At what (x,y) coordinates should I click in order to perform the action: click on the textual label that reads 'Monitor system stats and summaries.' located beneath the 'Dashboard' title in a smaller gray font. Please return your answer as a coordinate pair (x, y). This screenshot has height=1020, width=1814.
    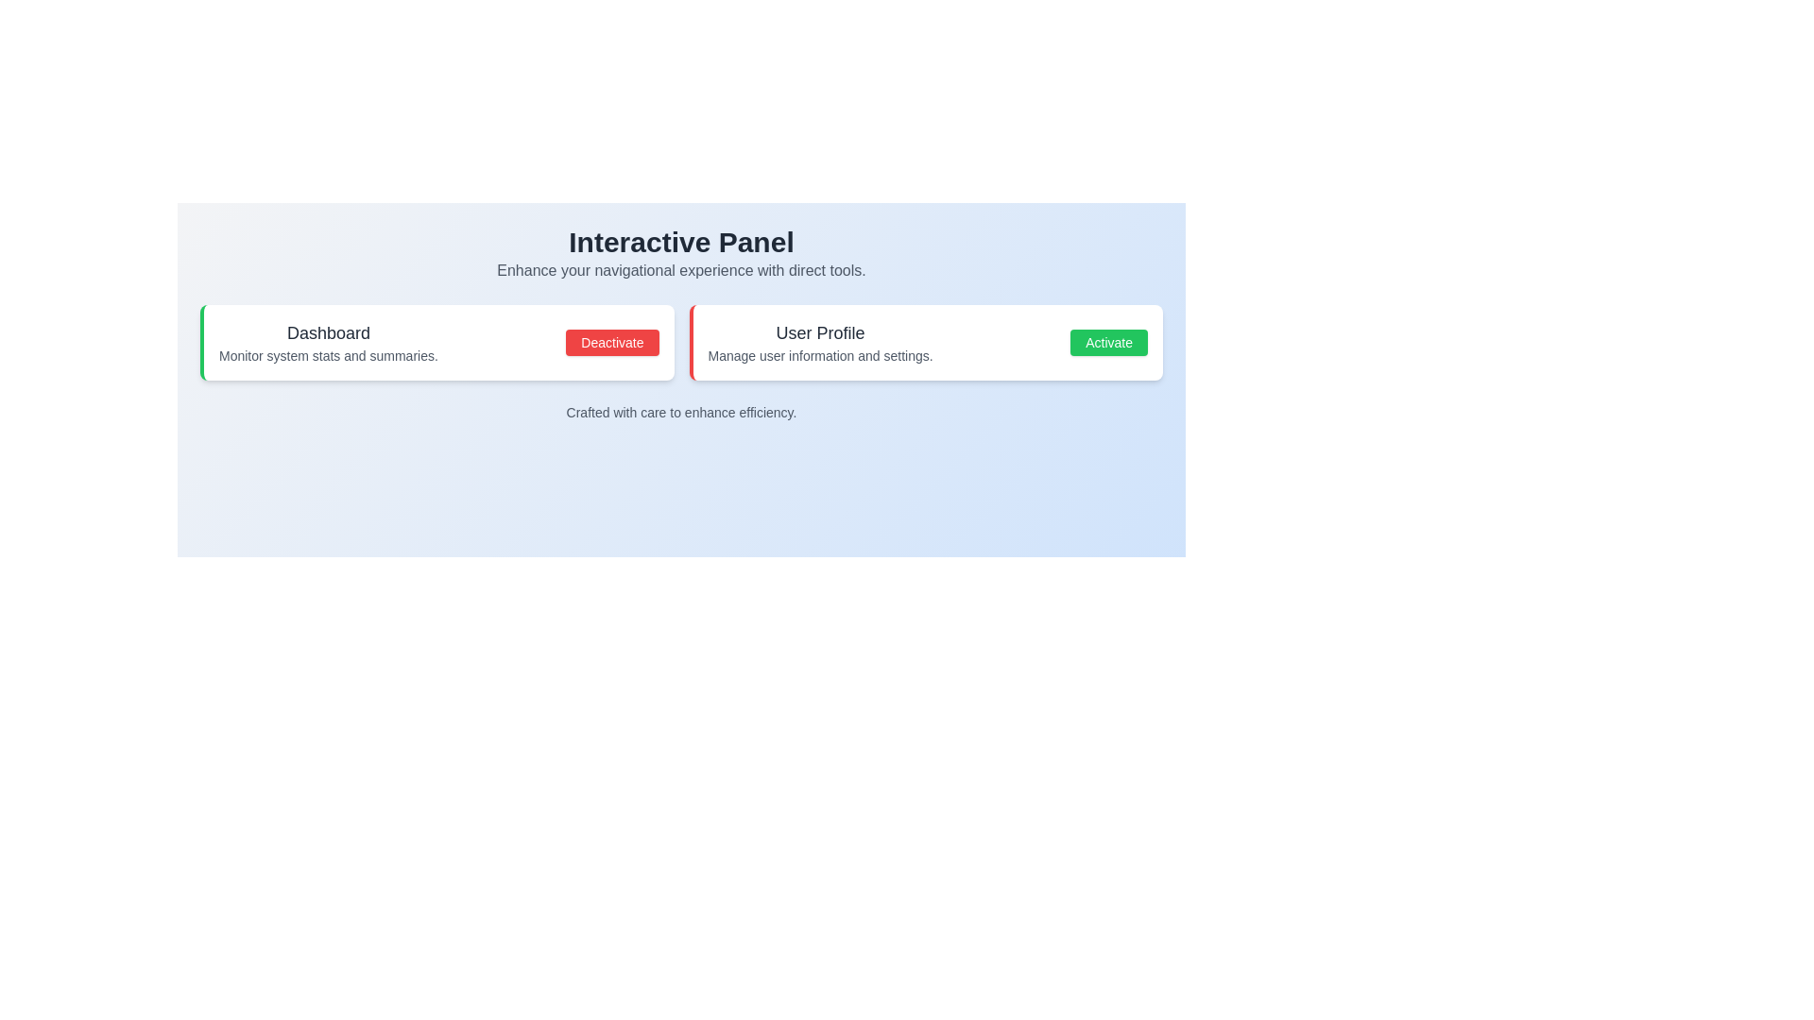
    Looking at the image, I should click on (328, 356).